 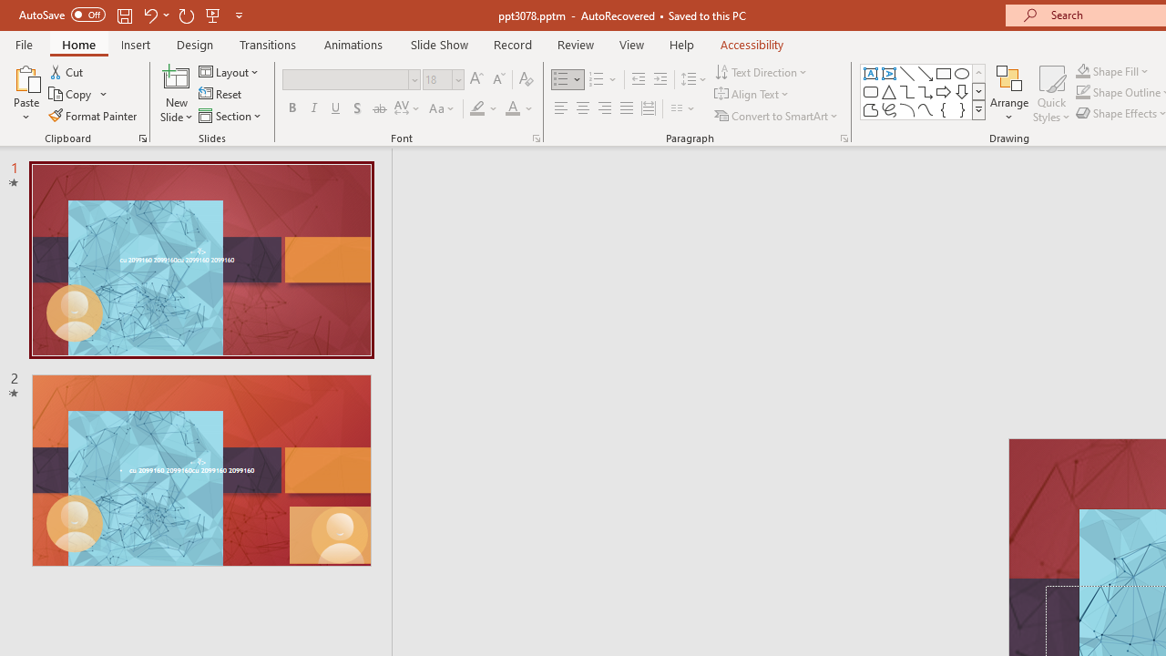 What do you see at coordinates (1083, 70) in the screenshot?
I see `'Shape Fill Dark Green, Accent 2'` at bounding box center [1083, 70].